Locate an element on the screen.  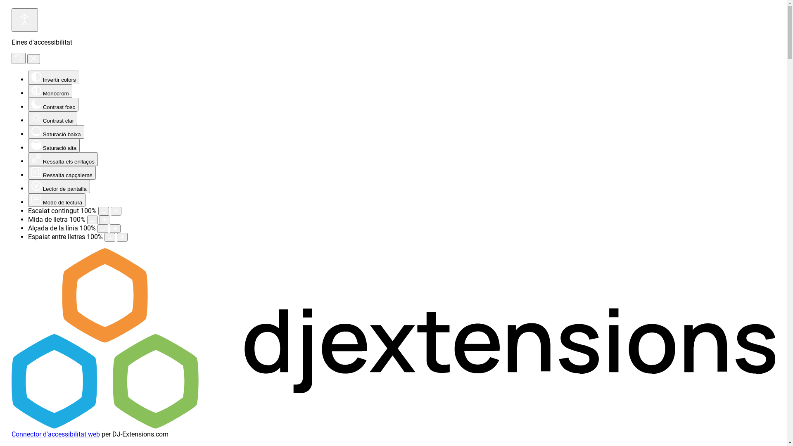
'Tanca les eines d'accessibilitat' is located at coordinates (33, 58).